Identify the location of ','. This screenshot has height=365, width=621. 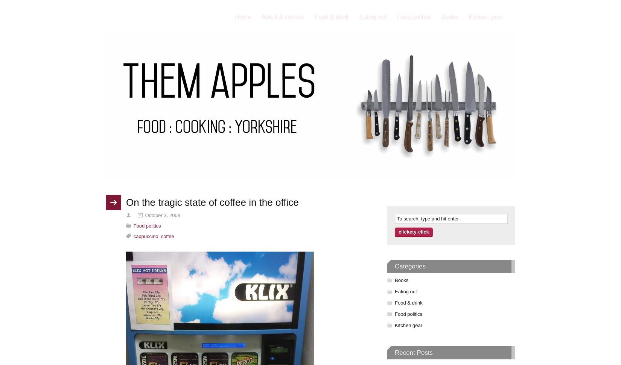
(159, 236).